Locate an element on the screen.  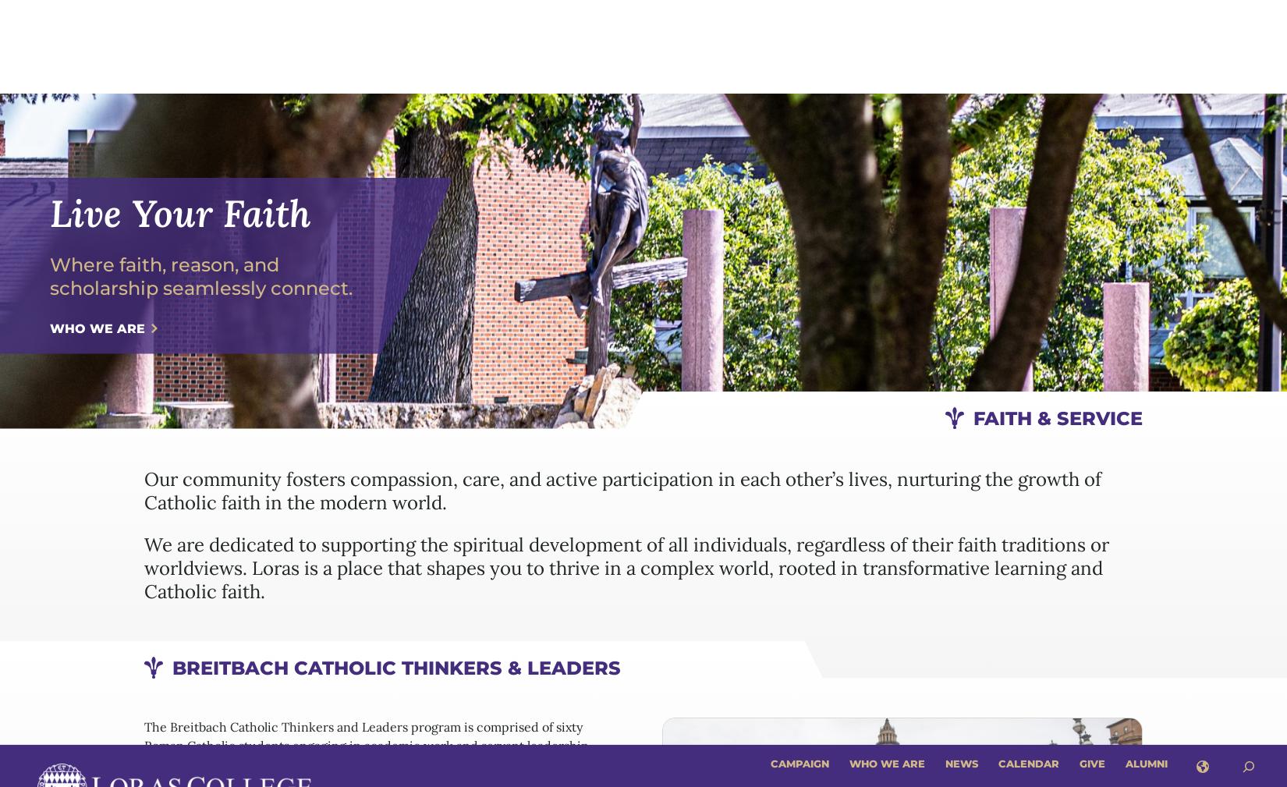
'The Fellowship of Catholic University Students is a Catholic collegiate outreach whose mission is to share the hope and joy of the gospel with college and university students, inspiring and equipping them for a lifetime of Christ-centered evangelization, discipleship, and friendships in which they lead others to do the same.' is located at coordinates (144, 692).